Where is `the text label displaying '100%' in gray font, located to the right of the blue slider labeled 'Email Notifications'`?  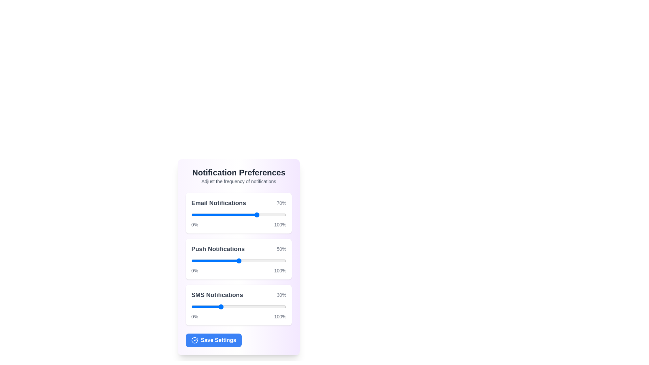
the text label displaying '100%' in gray font, located to the right of the blue slider labeled 'Email Notifications' is located at coordinates (280, 224).